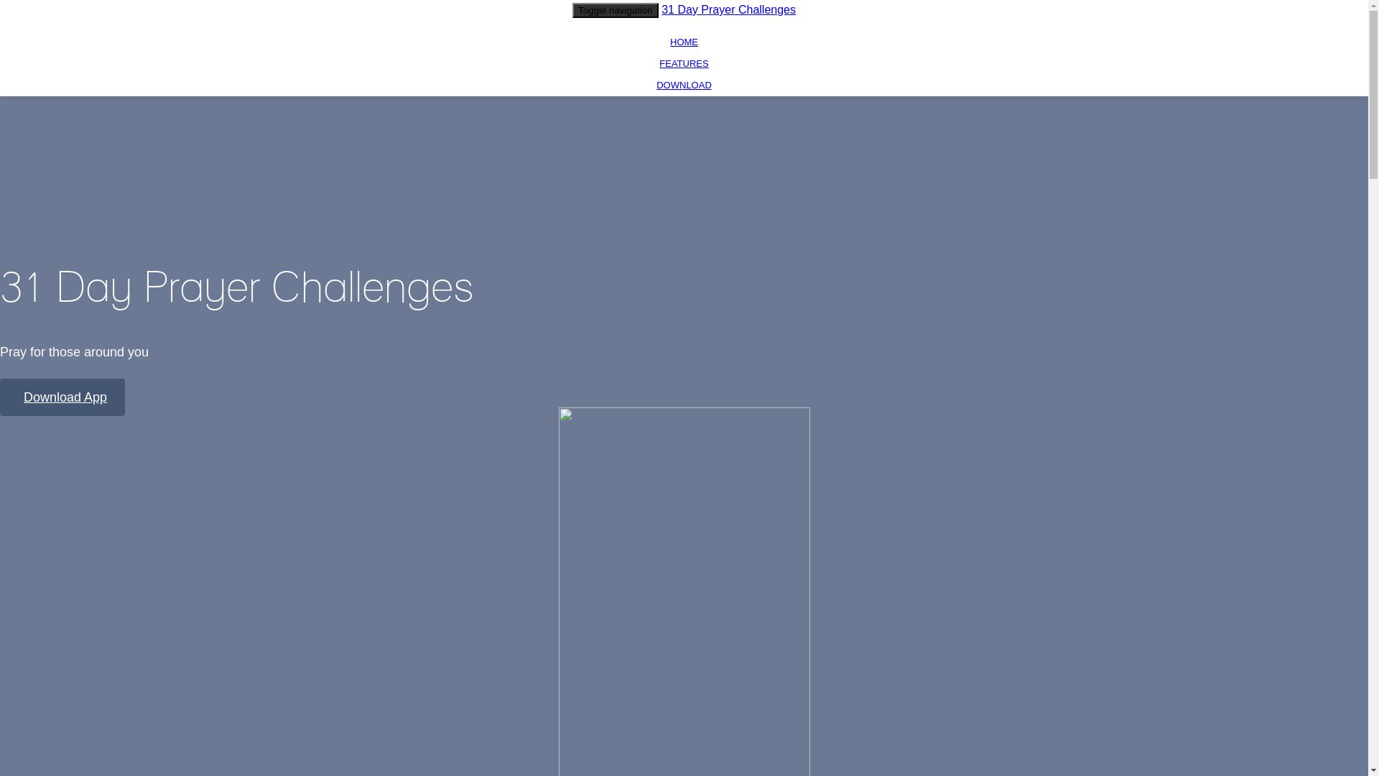  What do you see at coordinates (61, 397) in the screenshot?
I see `'Download App'` at bounding box center [61, 397].